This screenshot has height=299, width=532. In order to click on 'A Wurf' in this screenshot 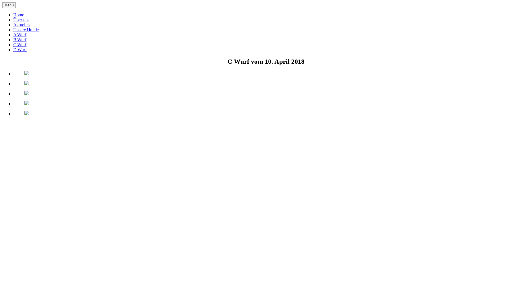, I will do `click(20, 35)`.